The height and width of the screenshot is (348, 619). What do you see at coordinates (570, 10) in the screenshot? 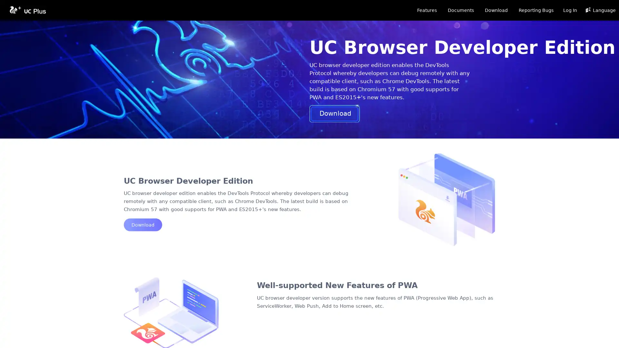
I see `Log In` at bounding box center [570, 10].